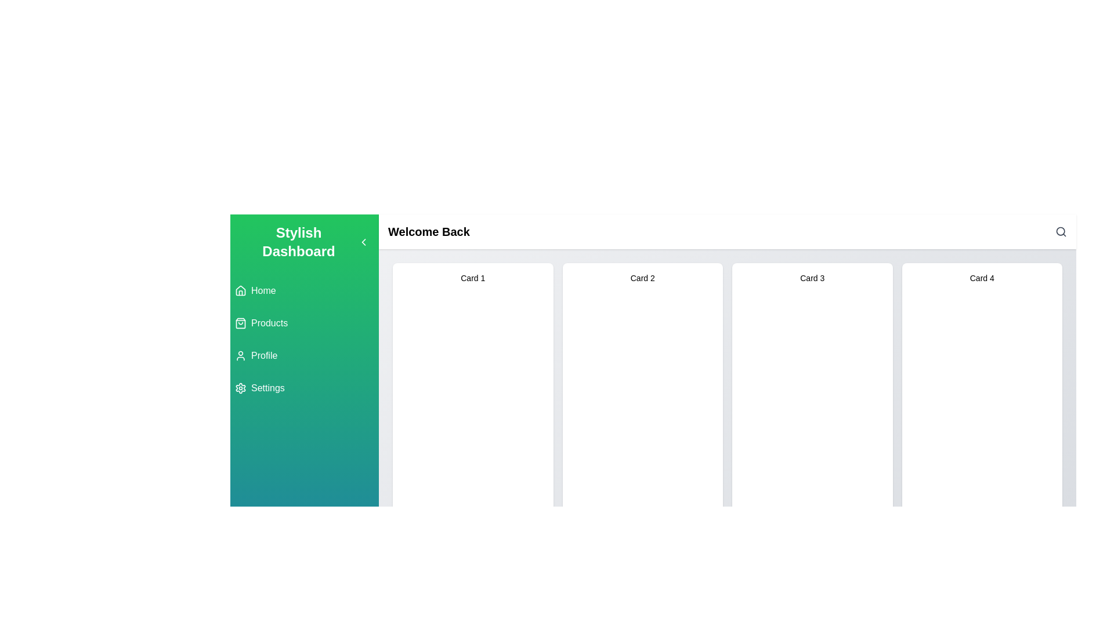 Image resolution: width=1114 pixels, height=626 pixels. What do you see at coordinates (240, 323) in the screenshot?
I see `the shopping bag icon which serves as a visual indicator for the 'Products' navigation link located in the sidebar of the dashboard interface` at bounding box center [240, 323].